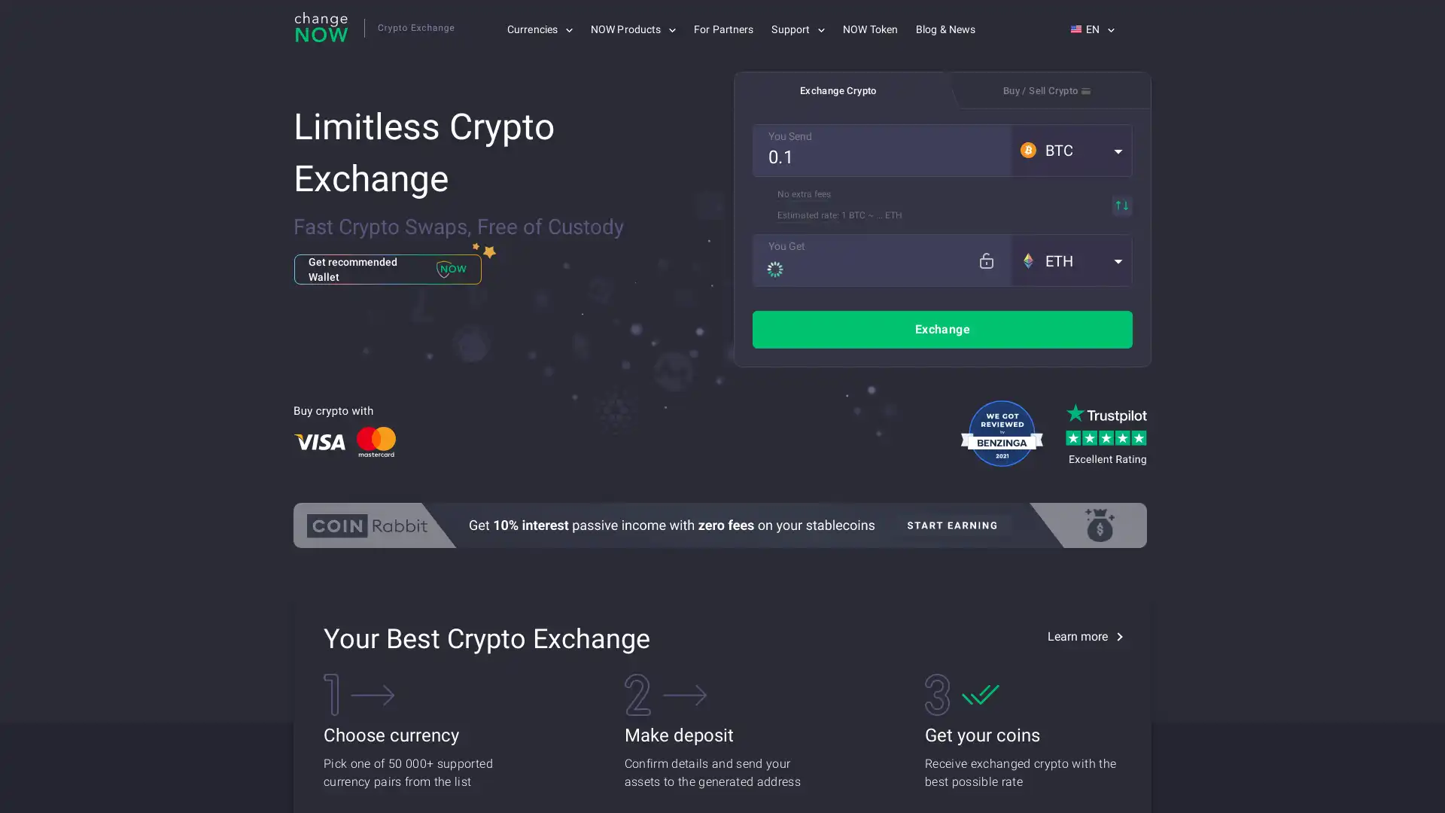 The height and width of the screenshot is (813, 1445). I want to click on Exchange, so click(942, 329).